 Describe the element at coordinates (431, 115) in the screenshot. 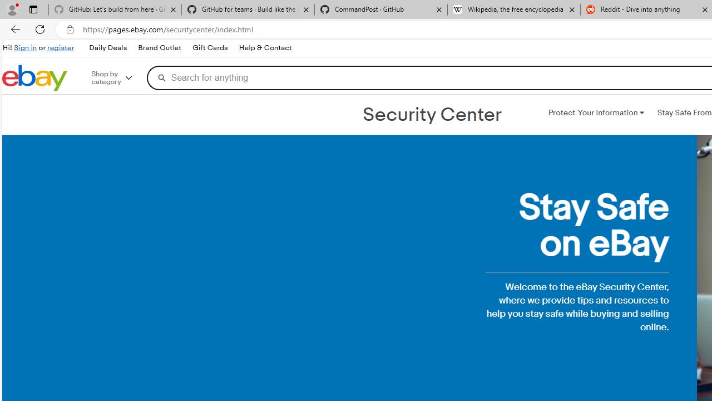

I see `'Security Center'` at that location.